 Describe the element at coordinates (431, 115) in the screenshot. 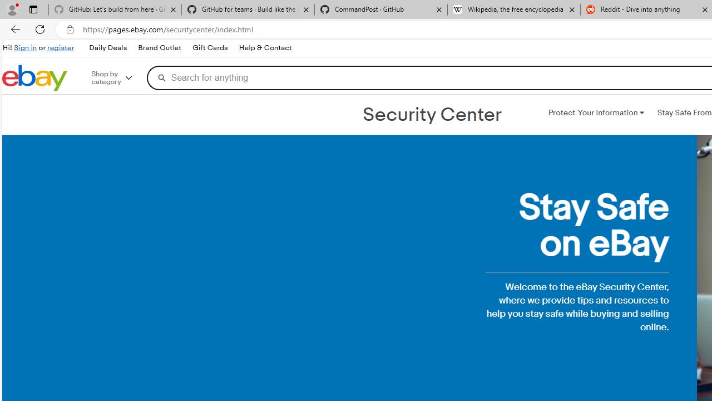

I see `'Security Center'` at that location.